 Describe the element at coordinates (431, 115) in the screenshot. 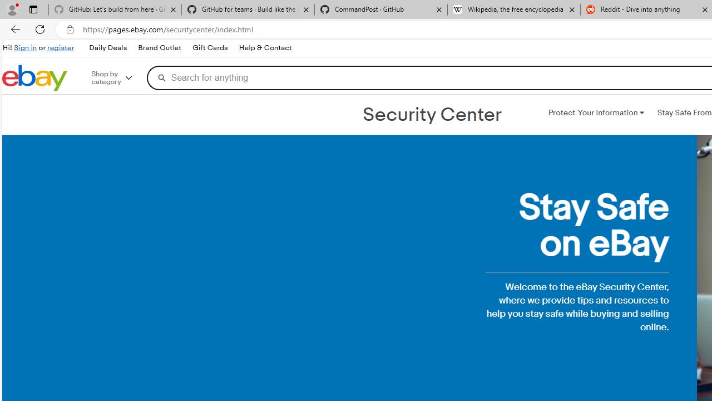

I see `'Security Center'` at that location.